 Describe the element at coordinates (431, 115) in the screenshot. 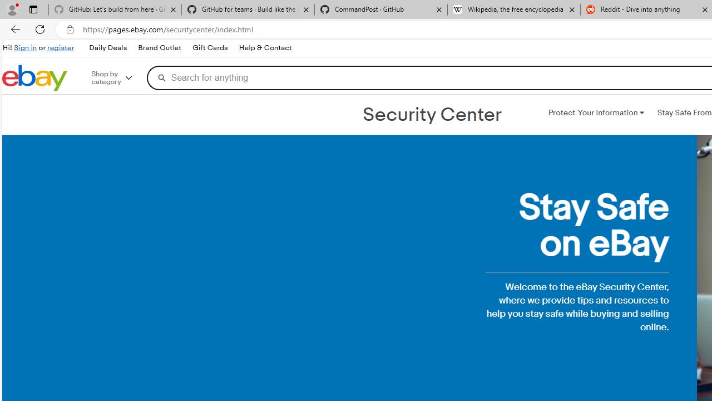

I see `'Security Center'` at that location.